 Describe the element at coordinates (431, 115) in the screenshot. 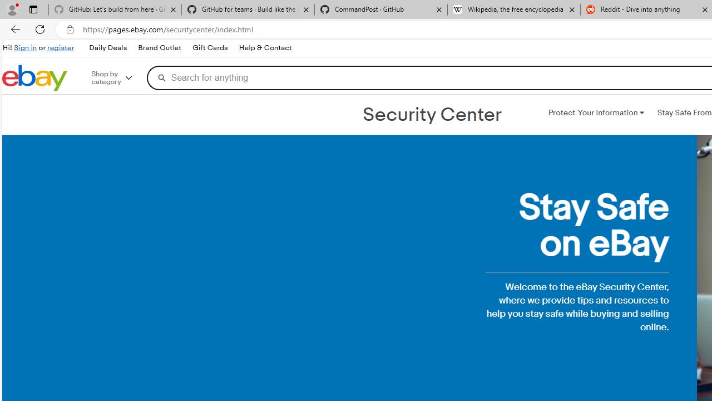

I see `'Security Center'` at that location.